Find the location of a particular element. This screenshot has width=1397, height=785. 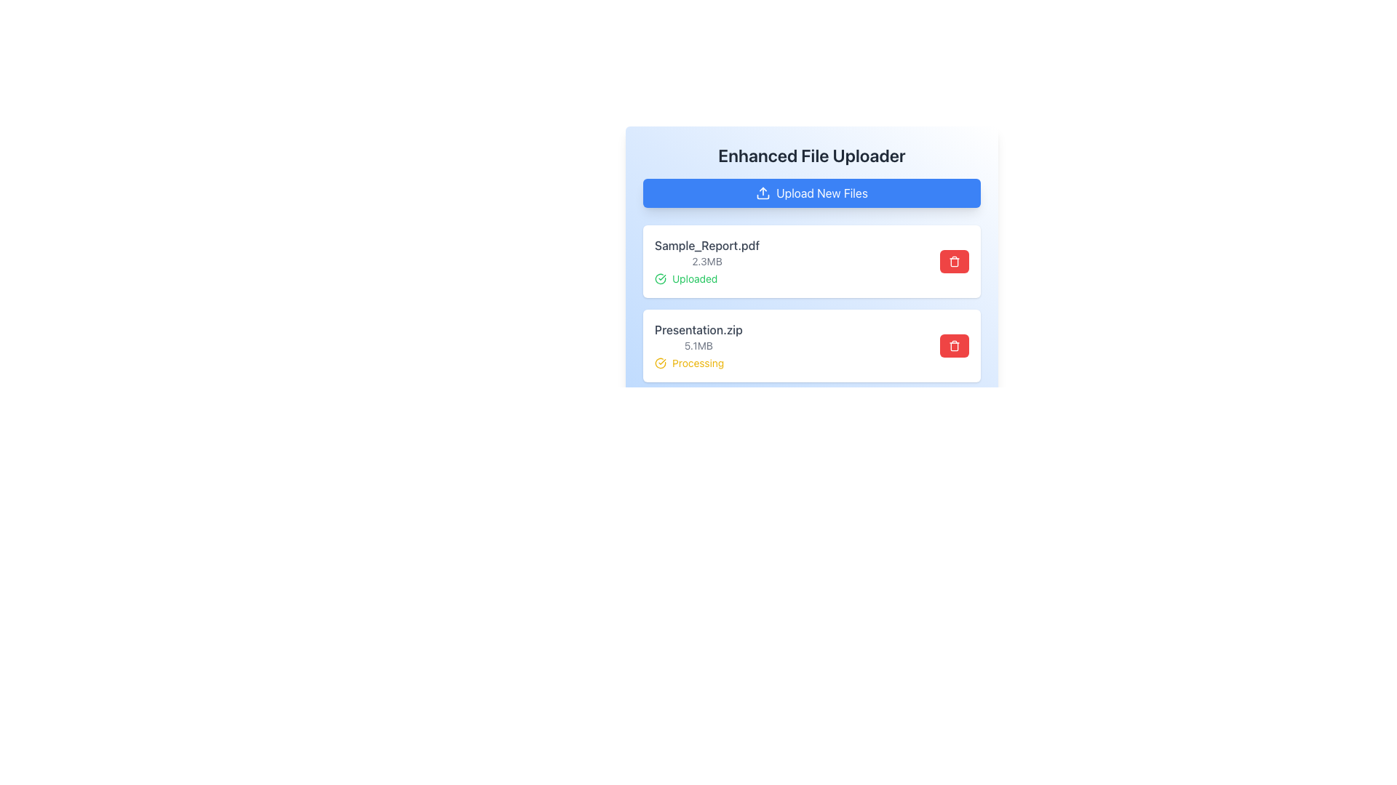

the 'Uploaded' text label with a green checkmark icon located in the second row beneath 'Sample_Report.pdf' is located at coordinates (707, 279).